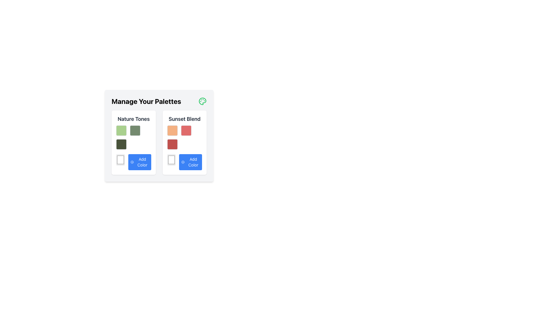  Describe the element at coordinates (202, 101) in the screenshot. I see `the green painter's palette icon located in the upper right corner of the 'Manage Your Palettes' section` at that location.